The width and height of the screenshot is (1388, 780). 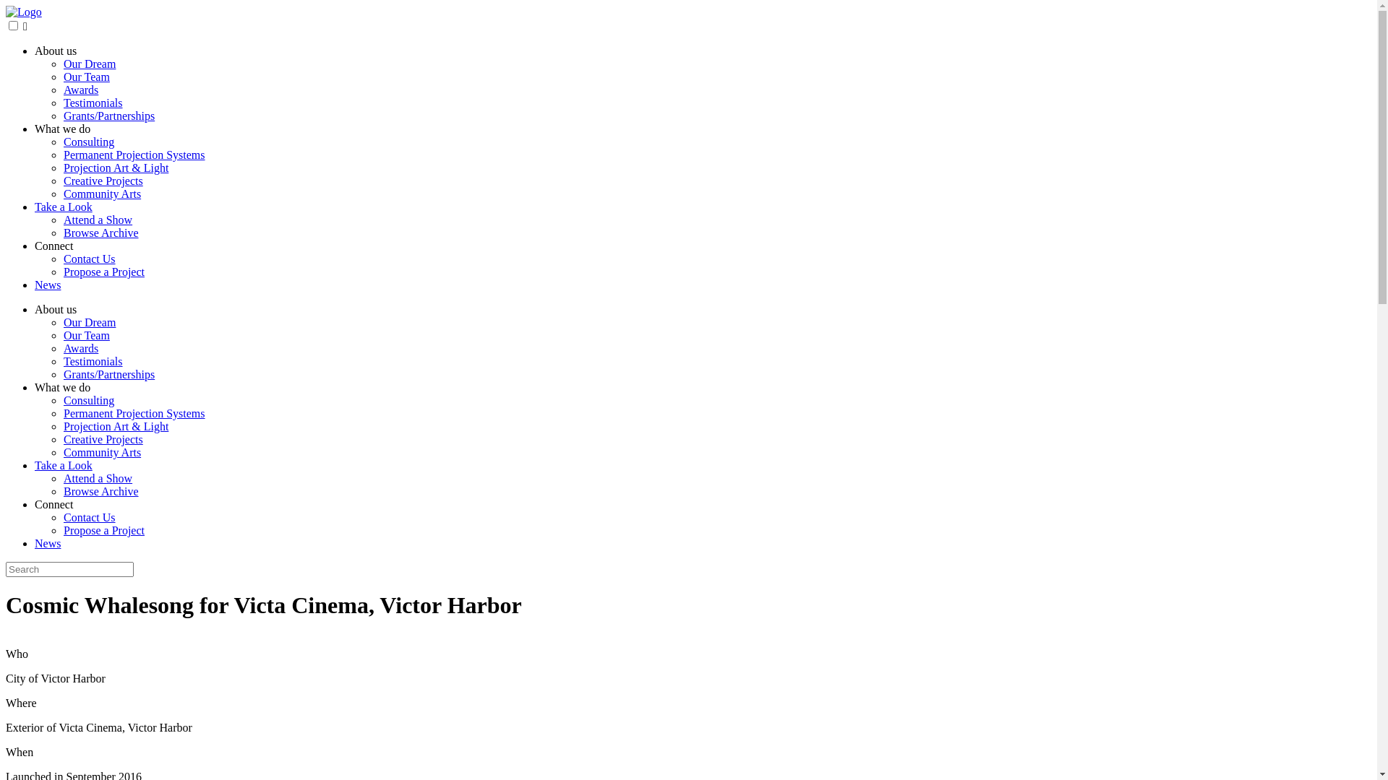 What do you see at coordinates (80, 348) in the screenshot?
I see `'Awards'` at bounding box center [80, 348].